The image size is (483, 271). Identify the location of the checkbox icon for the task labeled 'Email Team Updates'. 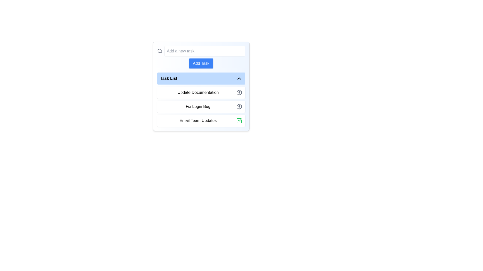
(239, 121).